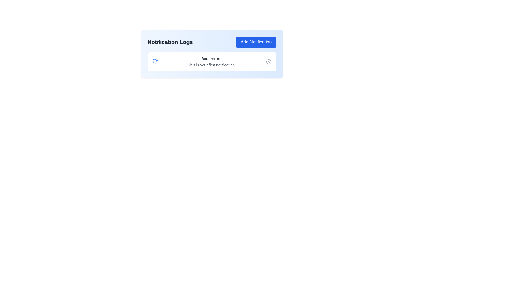 This screenshot has width=532, height=299. I want to click on the 'Add Notification' button located at the top-right of the 'Notification Logs' section to initiate an action, so click(256, 42).